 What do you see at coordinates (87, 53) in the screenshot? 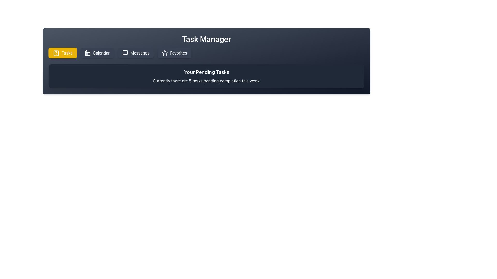
I see `the 'Calendar' icon in the navigation bar` at bounding box center [87, 53].